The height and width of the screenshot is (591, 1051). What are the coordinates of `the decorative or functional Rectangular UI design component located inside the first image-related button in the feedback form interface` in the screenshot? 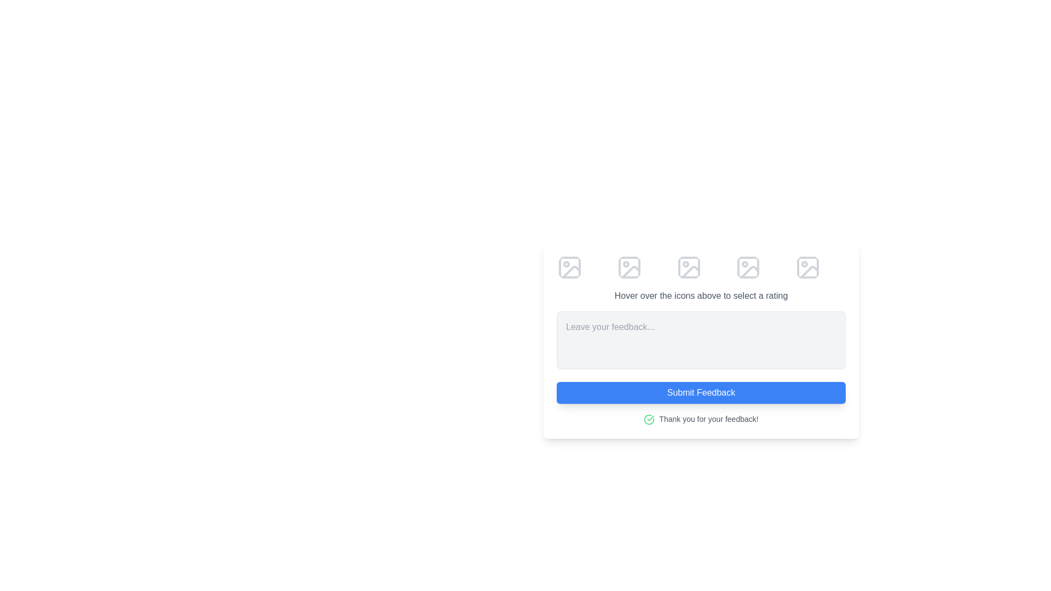 It's located at (569, 268).